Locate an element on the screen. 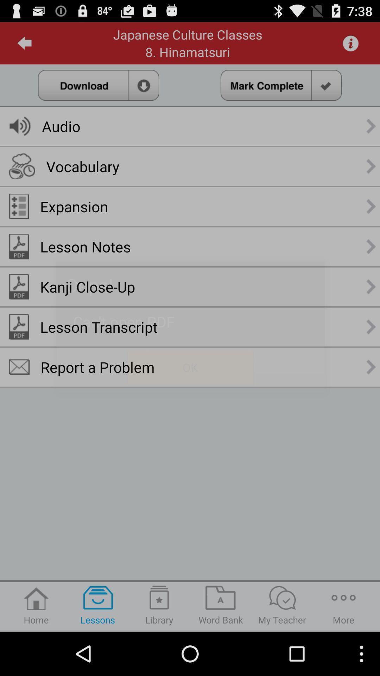  the arrow button beside the text report a problem is located at coordinates (371, 367).